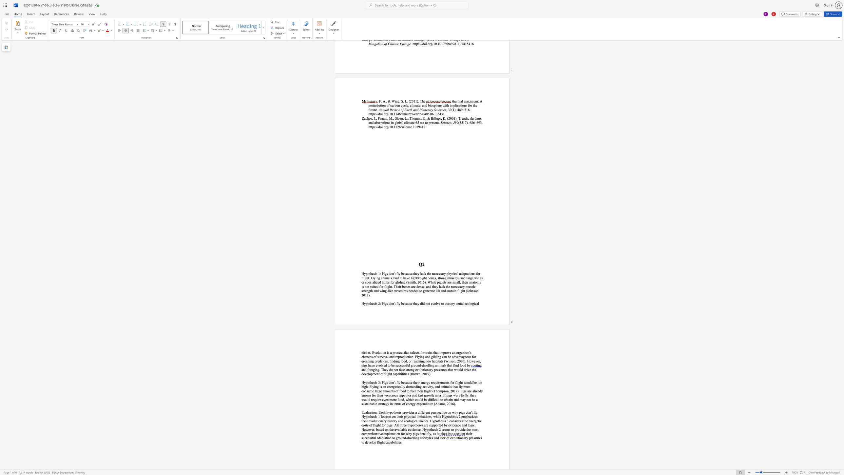  Describe the element at coordinates (414, 433) in the screenshot. I see `the subset text "igs" within the text "the most comprehensive explanation for why pigs"` at that location.